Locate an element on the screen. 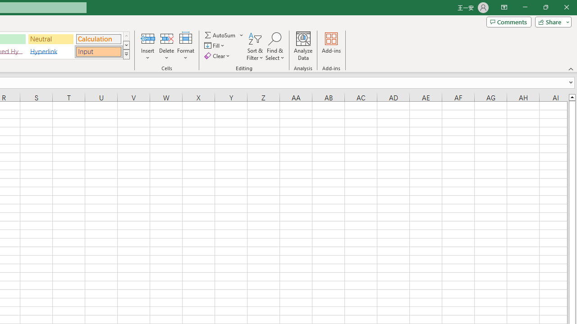 The height and width of the screenshot is (324, 577). 'Sum' is located at coordinates (220, 35).